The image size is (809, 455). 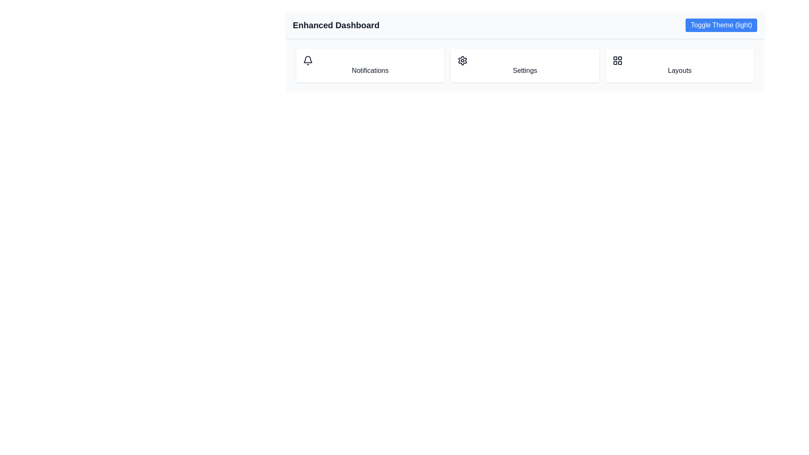 I want to click on the bell icon on the notification card located at the top-center of the interface, so click(x=307, y=60).